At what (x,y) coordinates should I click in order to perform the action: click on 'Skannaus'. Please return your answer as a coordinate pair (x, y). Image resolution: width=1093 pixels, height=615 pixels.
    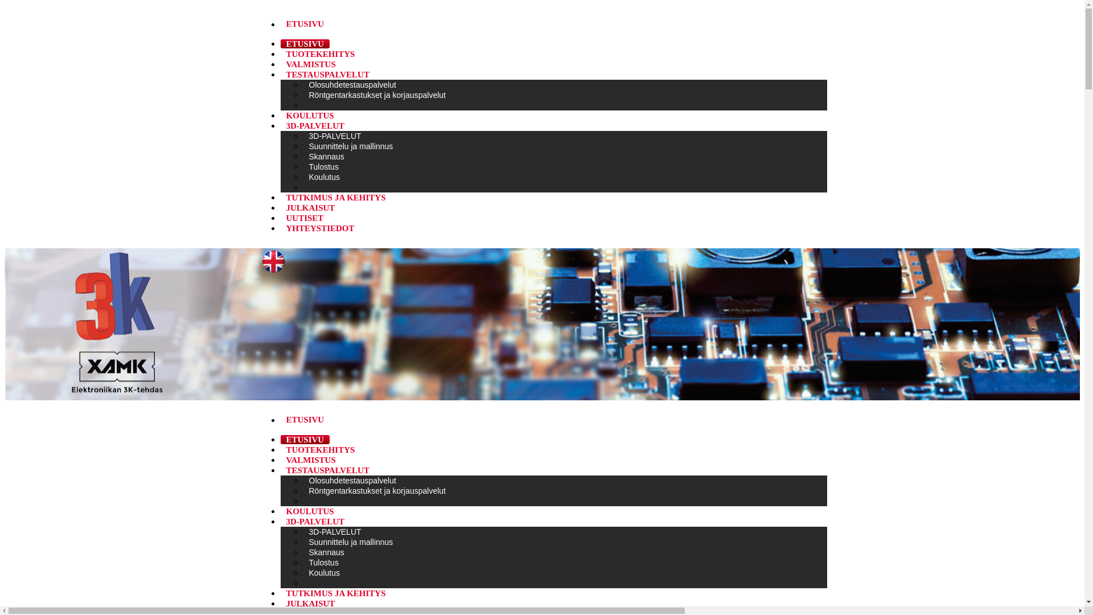
    Looking at the image, I should click on (325, 551).